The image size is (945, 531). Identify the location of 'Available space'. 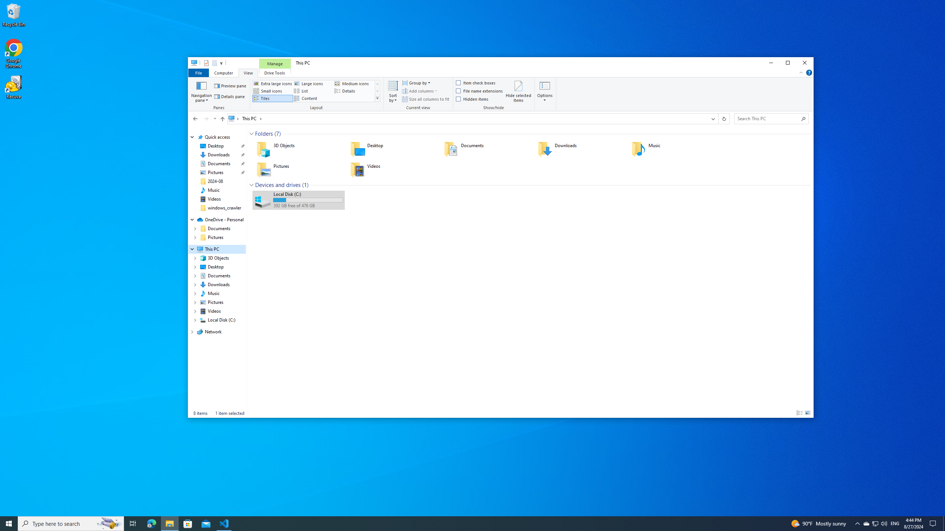
(307, 206).